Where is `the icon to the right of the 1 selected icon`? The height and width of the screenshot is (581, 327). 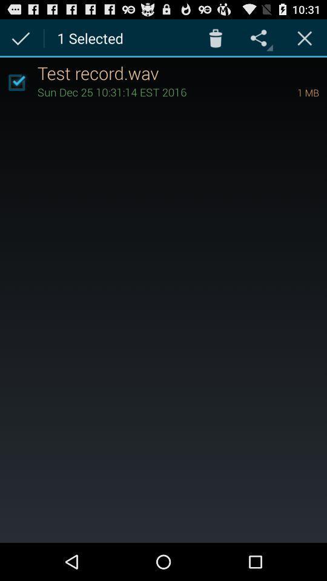
the icon to the right of the 1 selected icon is located at coordinates (215, 38).